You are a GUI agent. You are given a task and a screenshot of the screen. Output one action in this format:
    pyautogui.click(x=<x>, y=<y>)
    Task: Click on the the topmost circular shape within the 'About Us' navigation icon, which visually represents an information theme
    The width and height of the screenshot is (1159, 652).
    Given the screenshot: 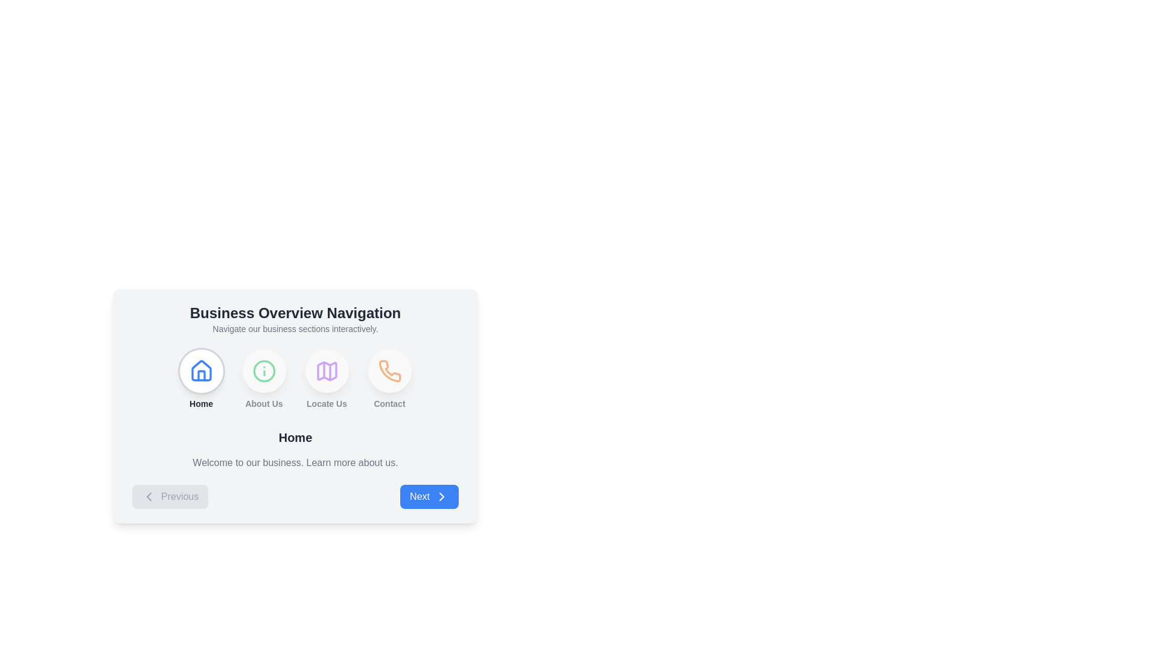 What is the action you would take?
    pyautogui.click(x=263, y=370)
    